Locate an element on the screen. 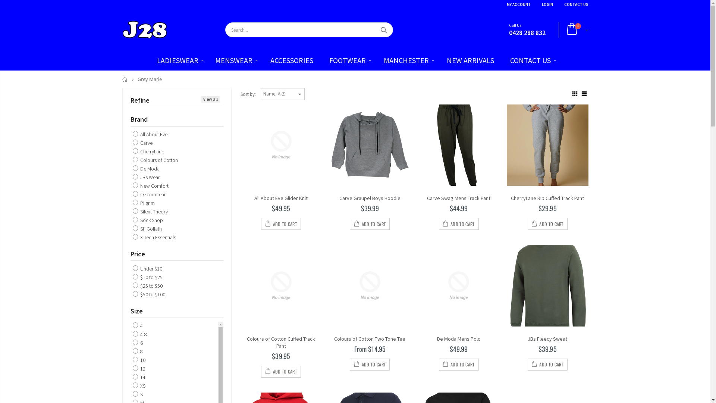 This screenshot has width=716, height=403. '$50 to $100' is located at coordinates (149, 294).